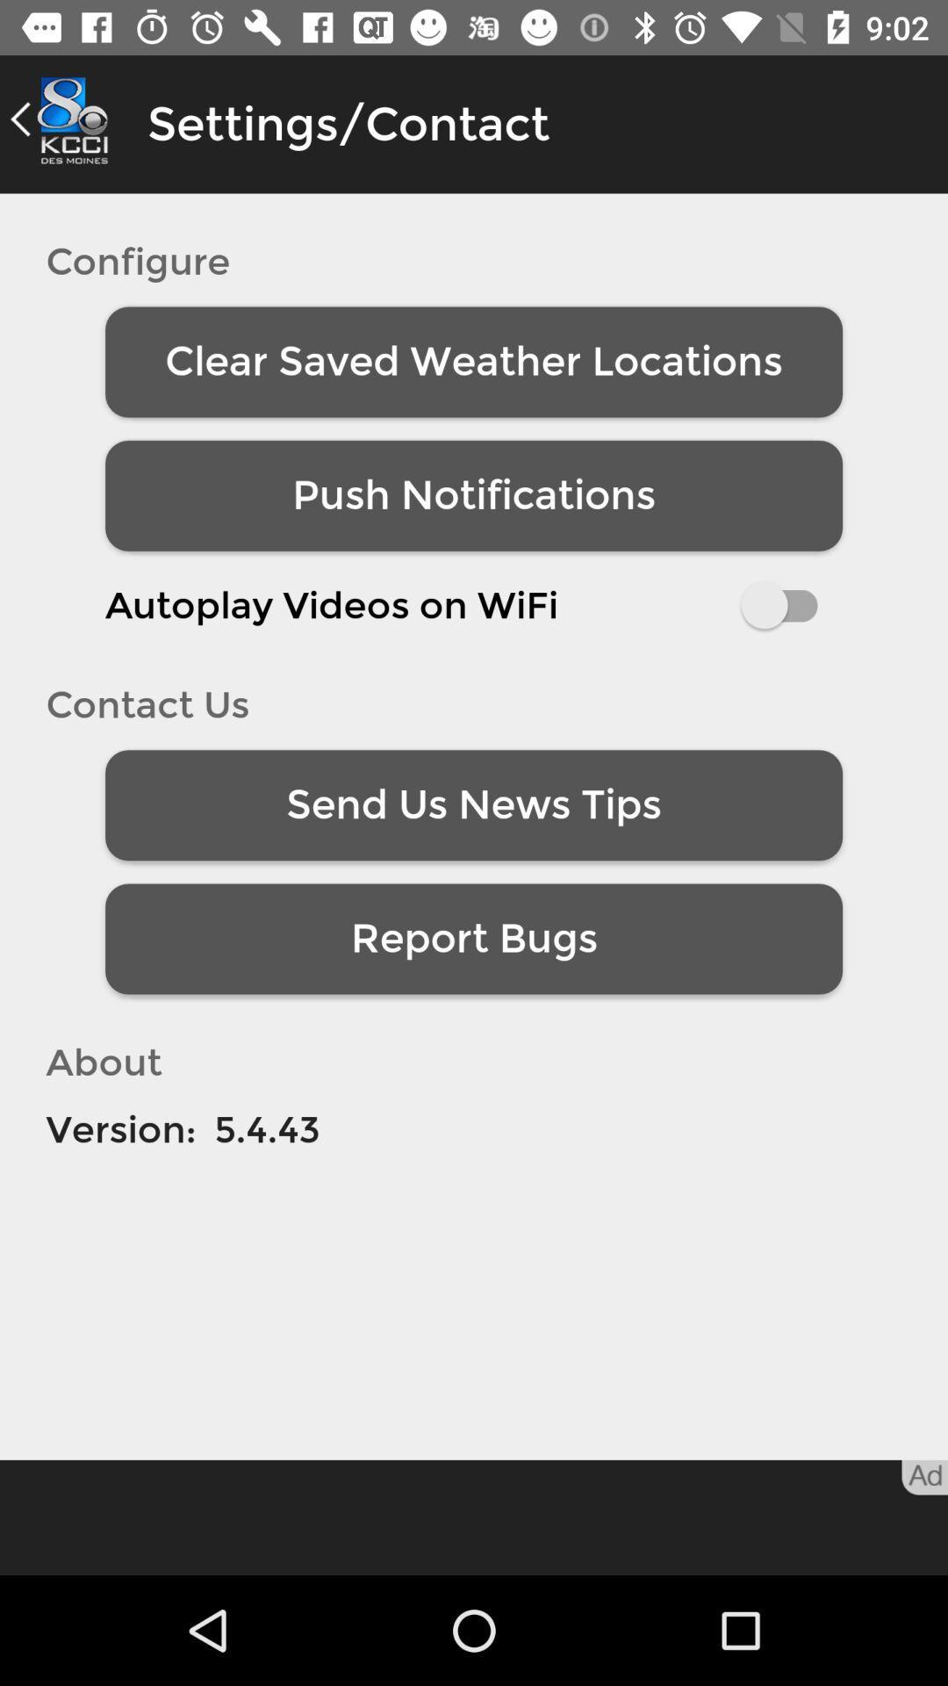 The height and width of the screenshot is (1686, 948). What do you see at coordinates (267, 1129) in the screenshot?
I see `the 5.4.43 icon` at bounding box center [267, 1129].